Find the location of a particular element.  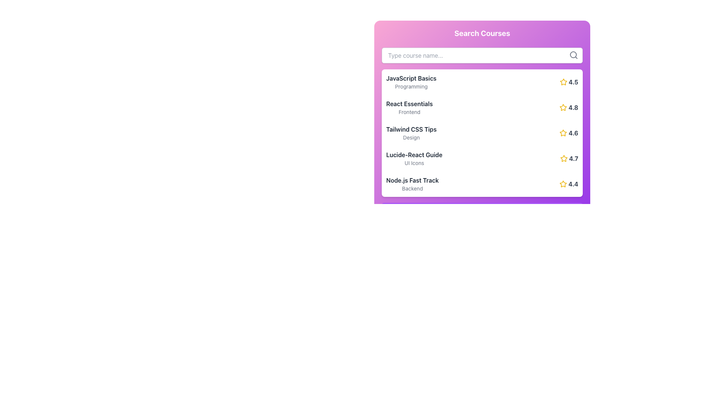

the star icon representing the rating system for the course 'JavaScript Basics', which indicates a rating of '4.5' is located at coordinates (563, 82).